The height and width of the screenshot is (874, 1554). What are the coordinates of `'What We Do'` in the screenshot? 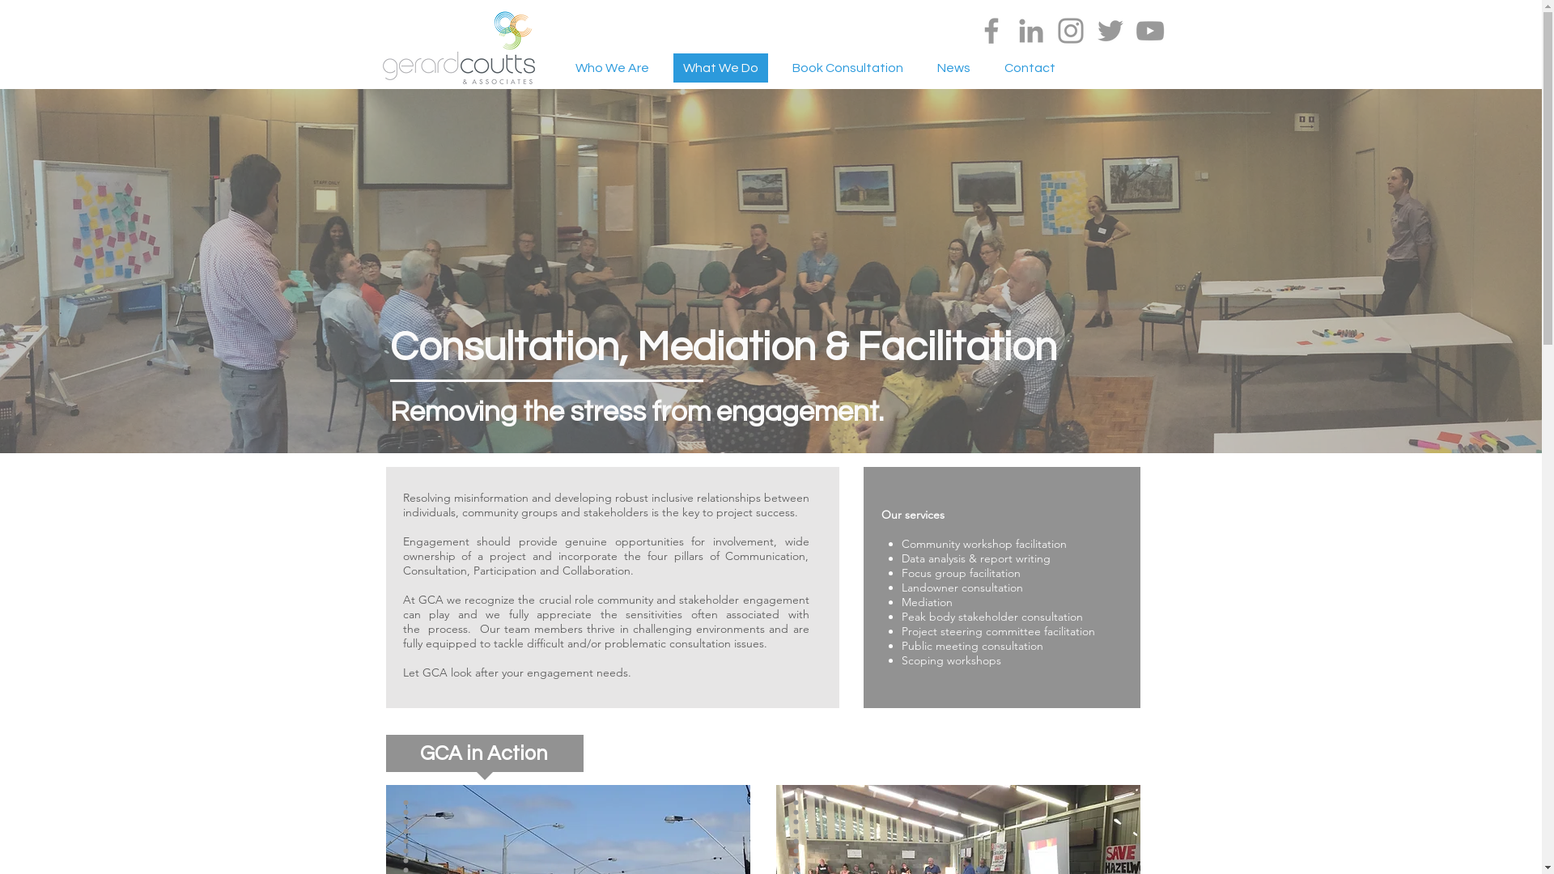 It's located at (673, 67).